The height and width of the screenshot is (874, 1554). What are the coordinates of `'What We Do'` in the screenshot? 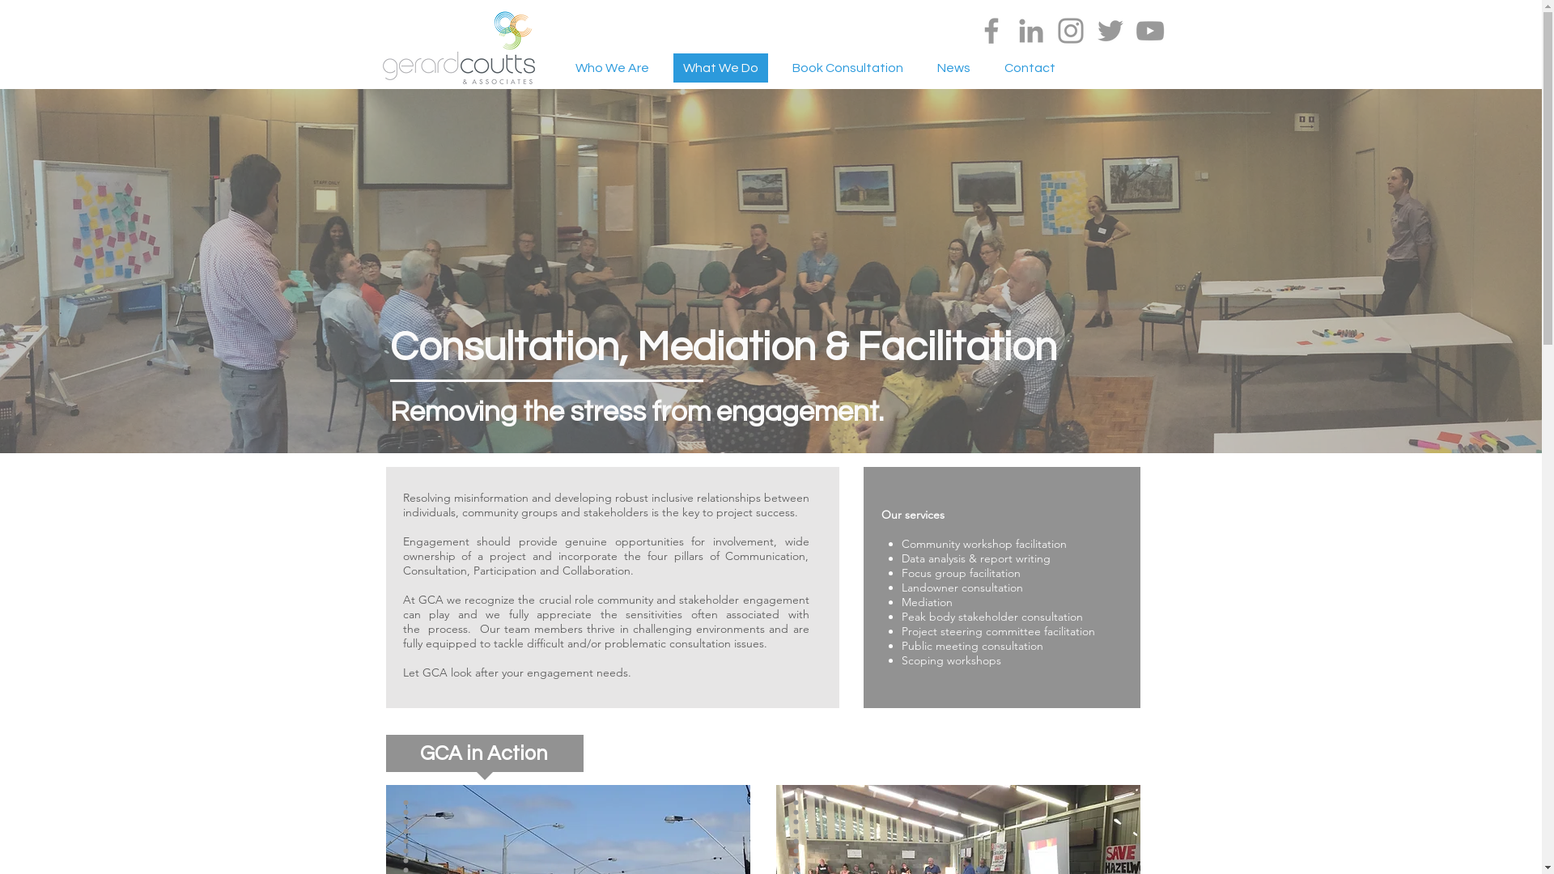 It's located at (673, 67).